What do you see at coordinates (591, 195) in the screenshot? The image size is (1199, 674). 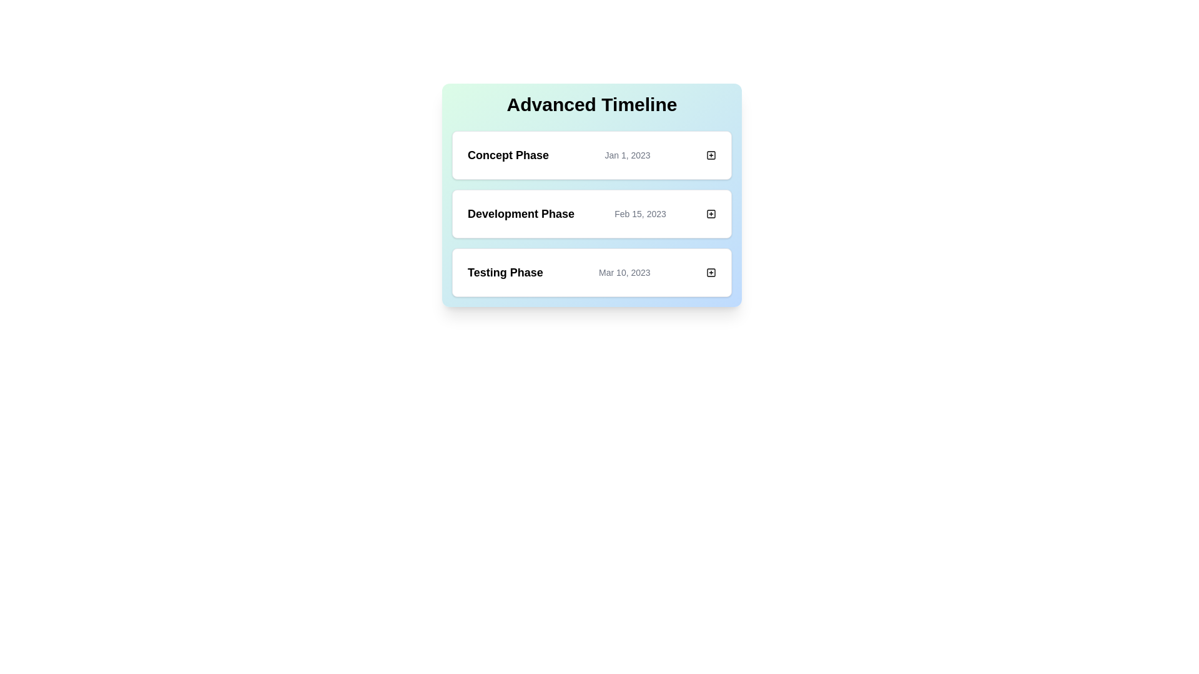 I see `the 'Development Phase' card element in the timeline, which is the second card under the 'Advanced Timeline' header` at bounding box center [591, 195].